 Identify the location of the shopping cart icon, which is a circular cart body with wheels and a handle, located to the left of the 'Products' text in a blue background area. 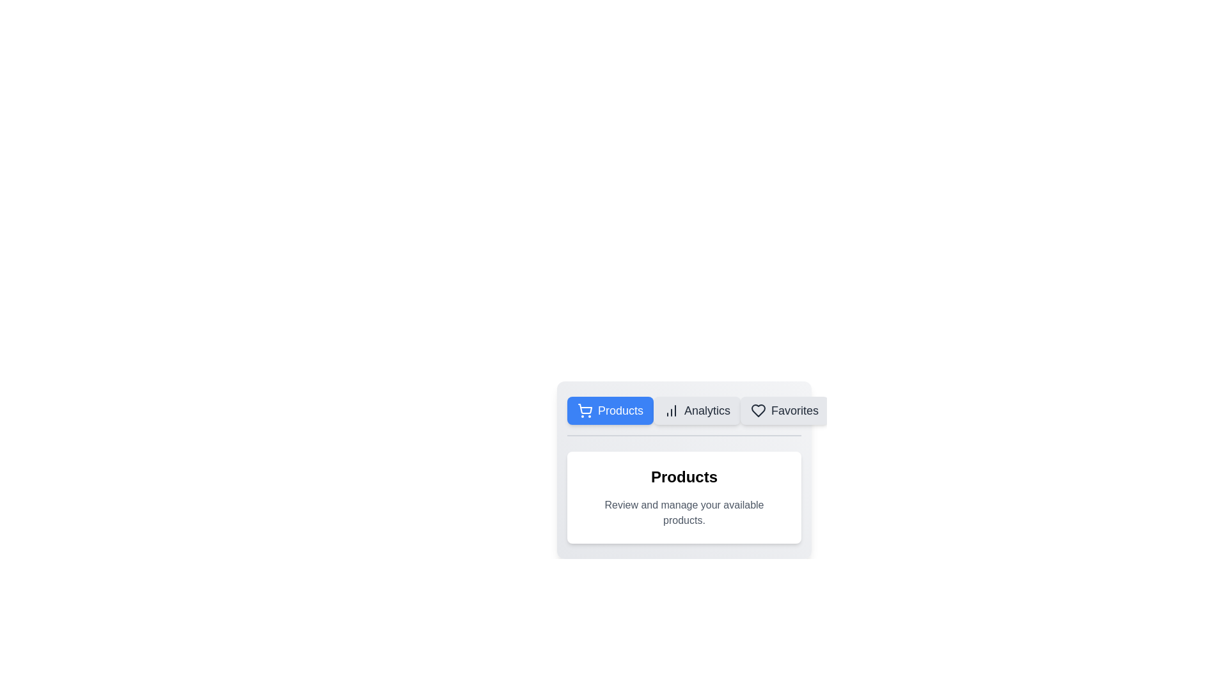
(585, 411).